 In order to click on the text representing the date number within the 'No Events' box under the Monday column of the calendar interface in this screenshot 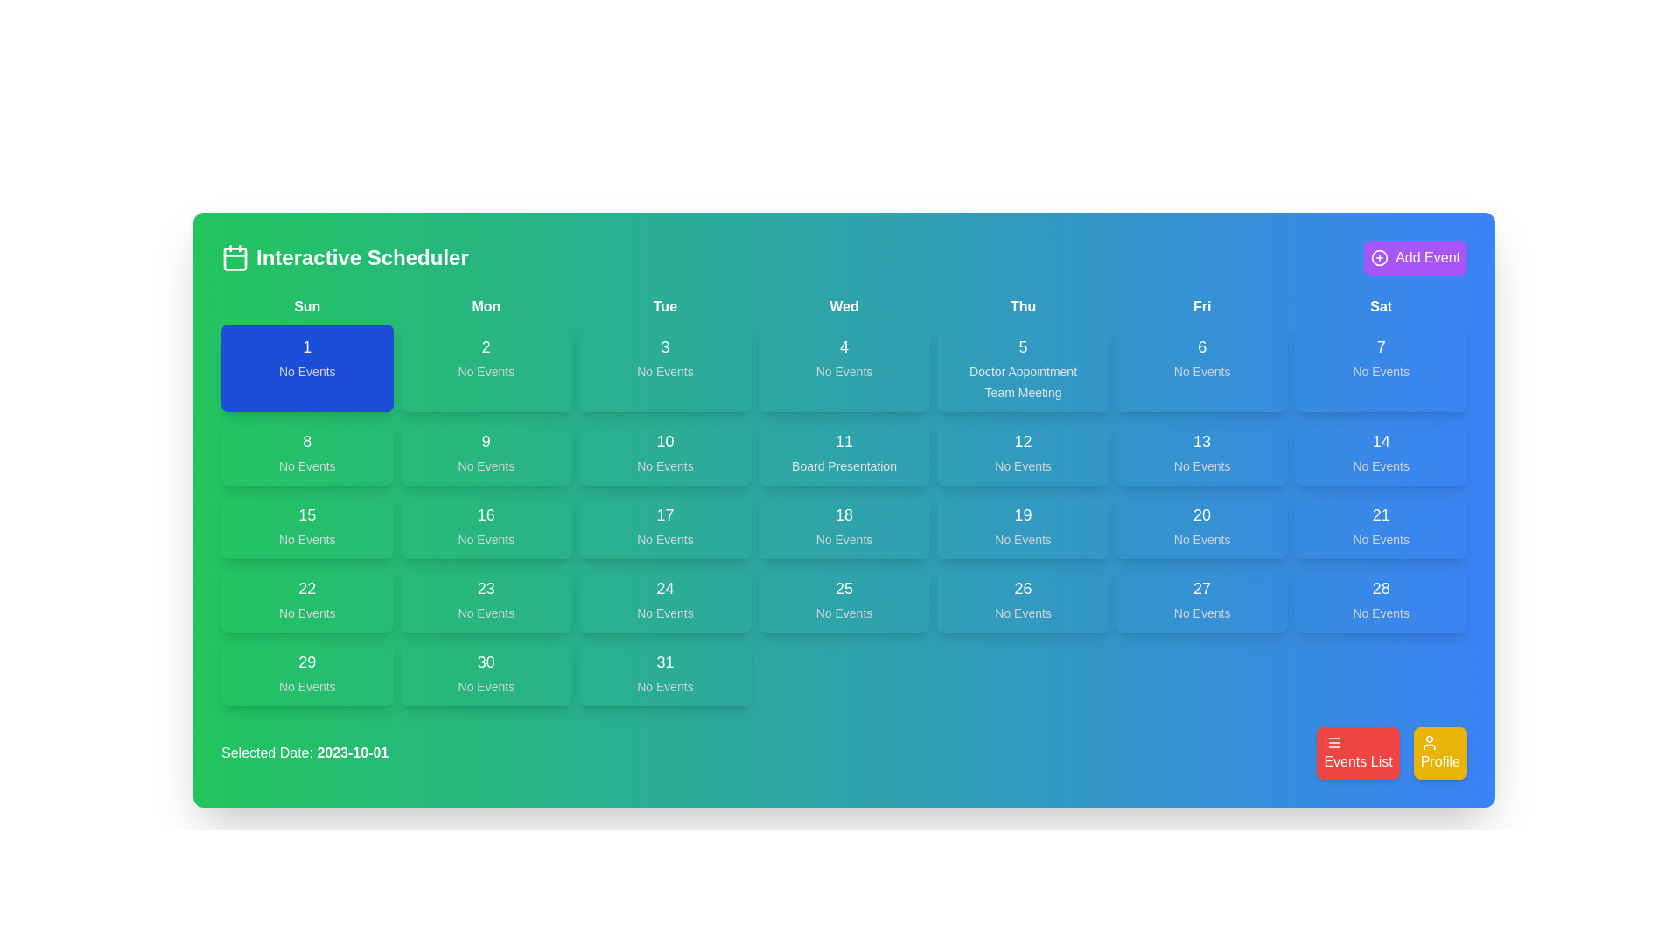, I will do `click(486, 347)`.